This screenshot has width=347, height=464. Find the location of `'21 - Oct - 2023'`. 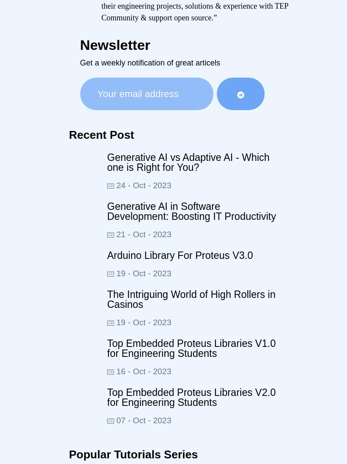

'21 - Oct - 2023' is located at coordinates (142, 233).